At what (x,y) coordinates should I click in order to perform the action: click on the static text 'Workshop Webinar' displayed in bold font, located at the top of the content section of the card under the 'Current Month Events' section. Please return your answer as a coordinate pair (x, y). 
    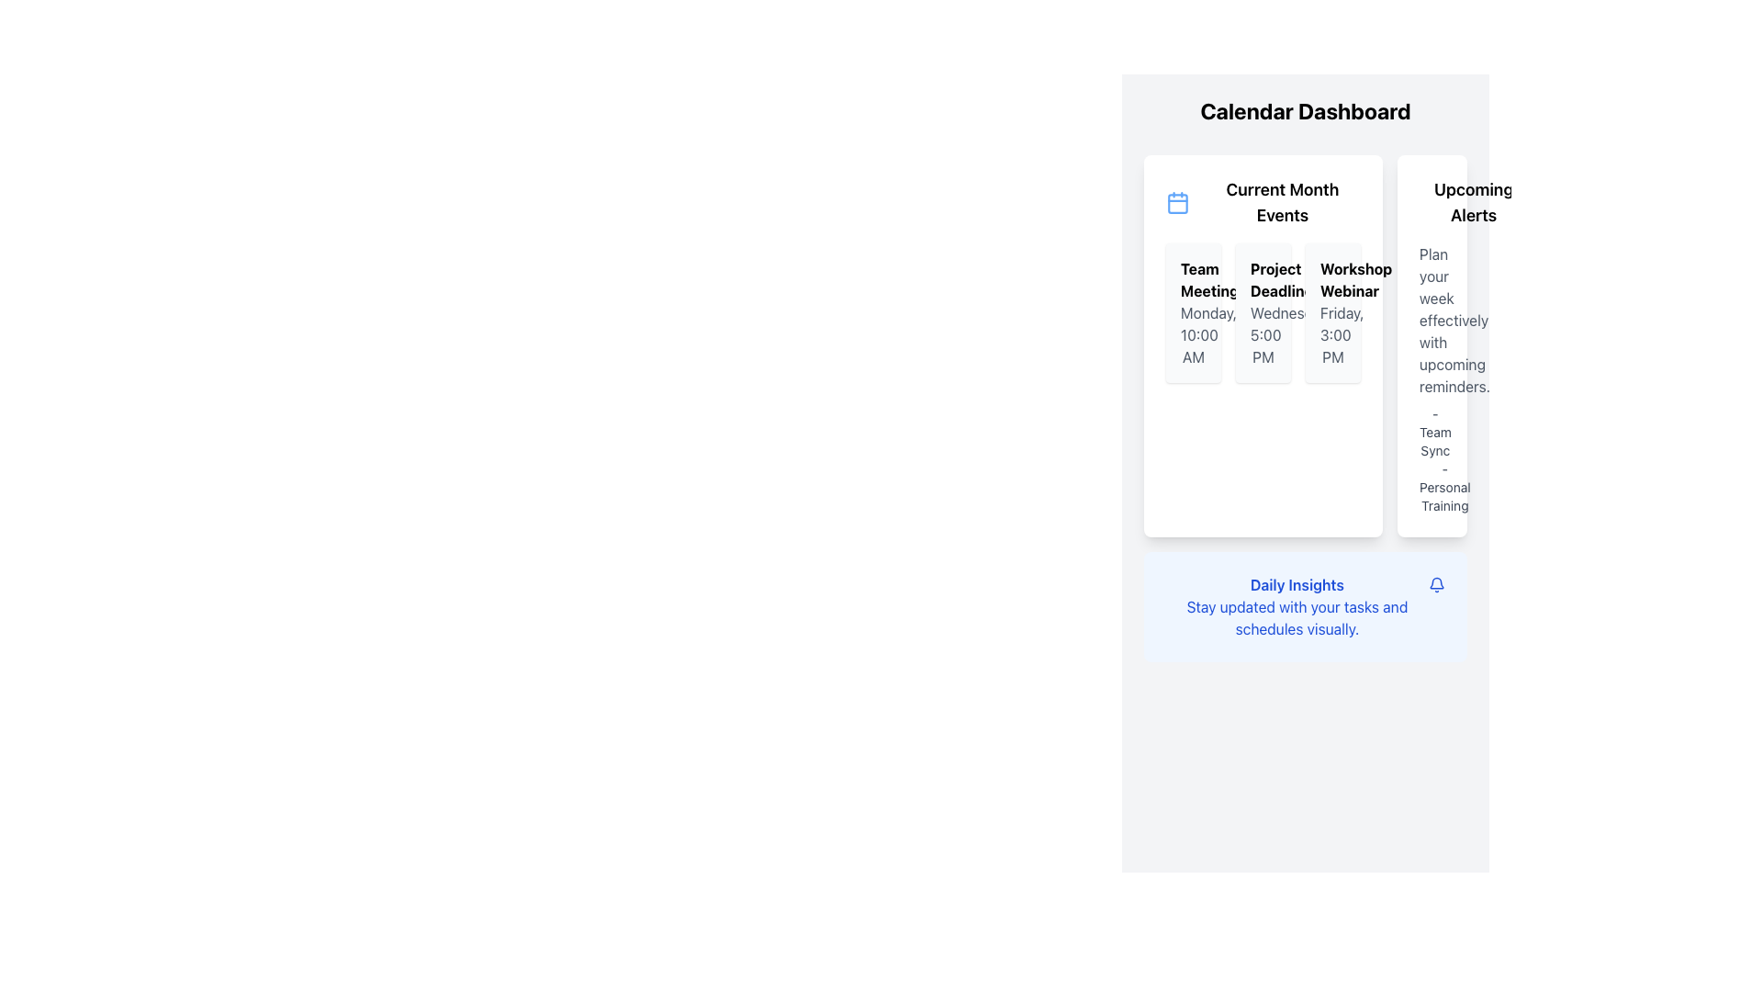
    Looking at the image, I should click on (1332, 279).